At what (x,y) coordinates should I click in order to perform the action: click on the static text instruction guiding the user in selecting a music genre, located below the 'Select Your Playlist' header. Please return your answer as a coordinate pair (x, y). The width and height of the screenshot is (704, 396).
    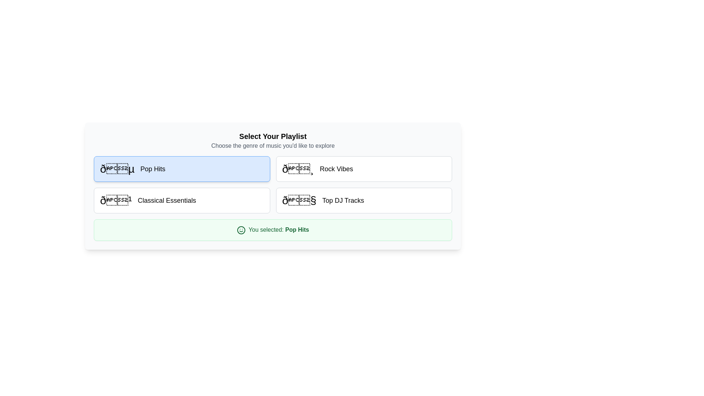
    Looking at the image, I should click on (272, 146).